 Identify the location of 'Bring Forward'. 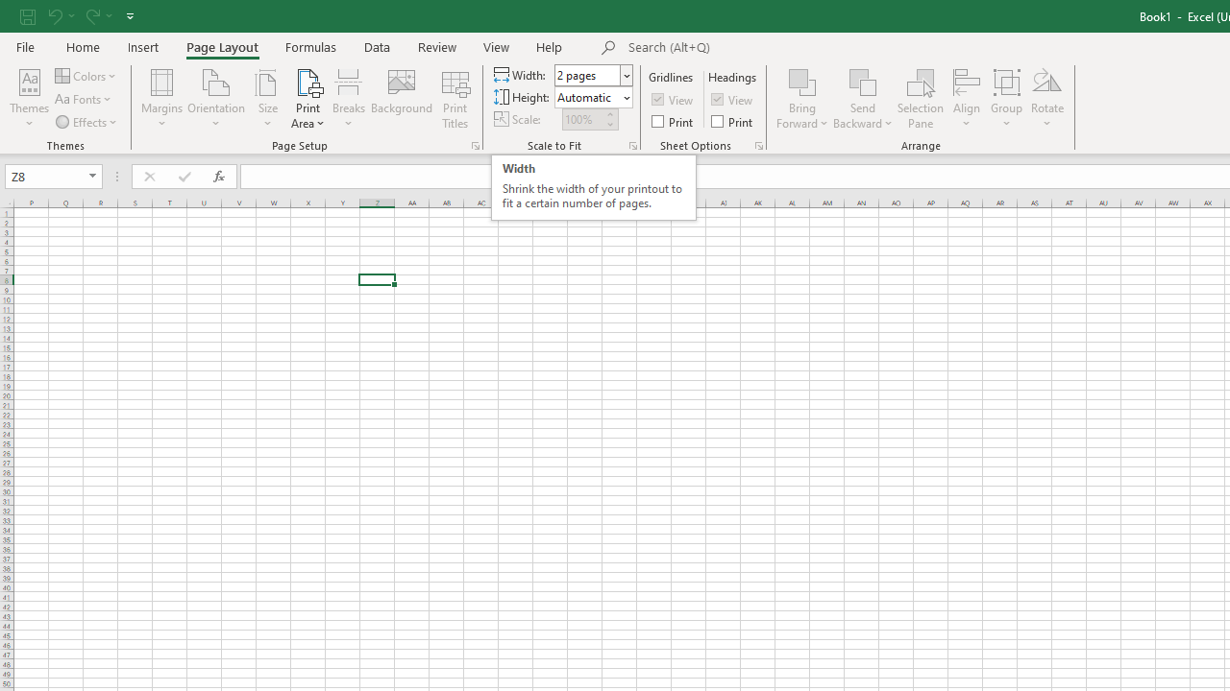
(802, 81).